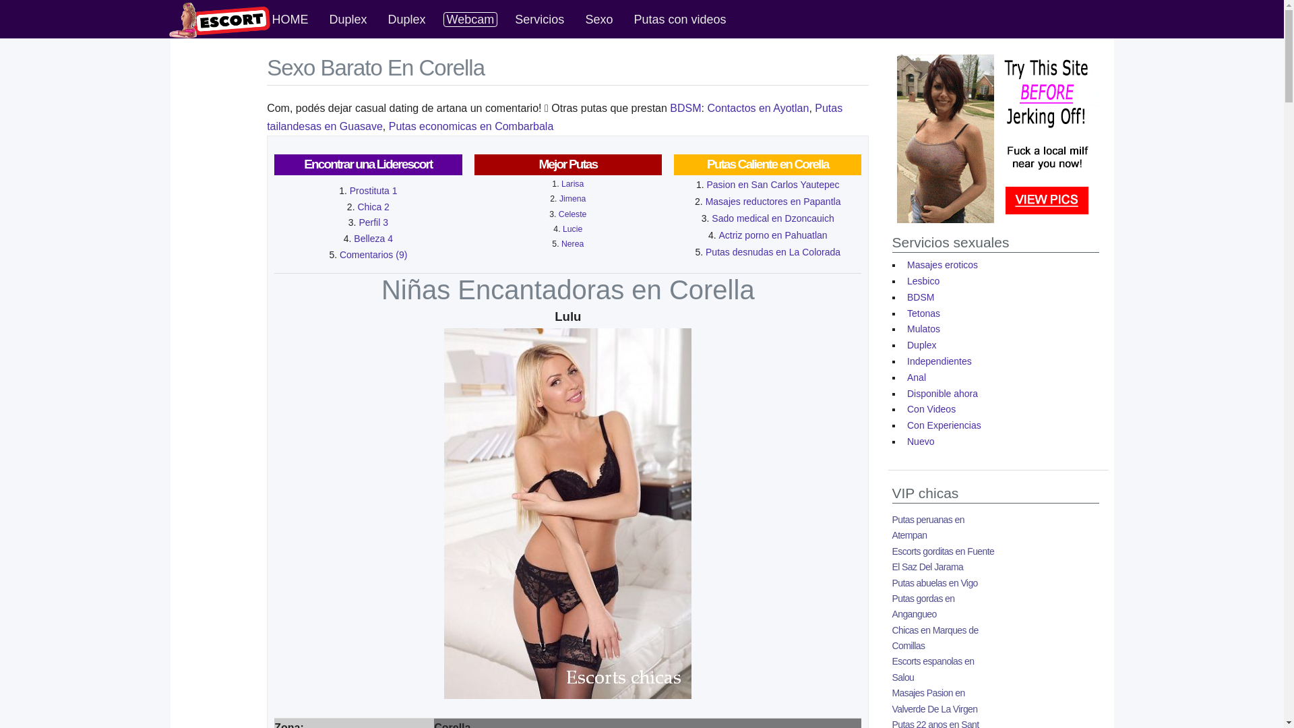  Describe the element at coordinates (705, 184) in the screenshot. I see `'Pasion en San Carlos Yautepec'` at that location.